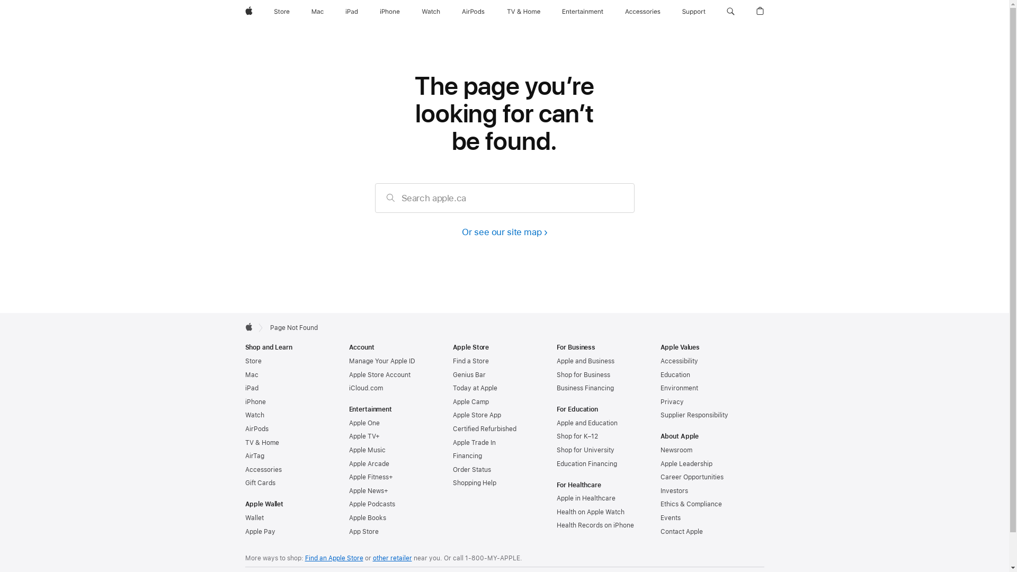 The image size is (1017, 572). Describe the element at coordinates (584, 361) in the screenshot. I see `'Apple and Business'` at that location.